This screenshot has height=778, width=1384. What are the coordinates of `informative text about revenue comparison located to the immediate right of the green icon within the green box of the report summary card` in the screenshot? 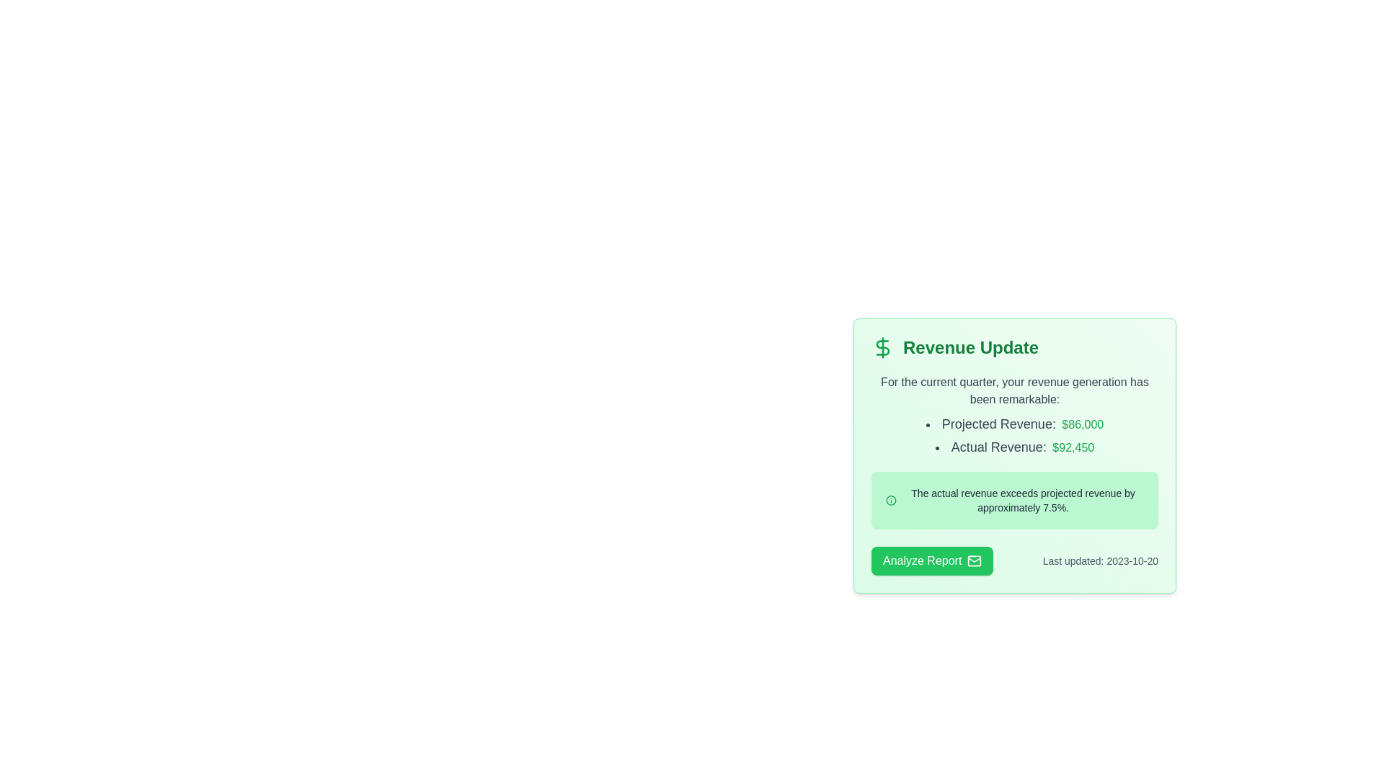 It's located at (1022, 499).